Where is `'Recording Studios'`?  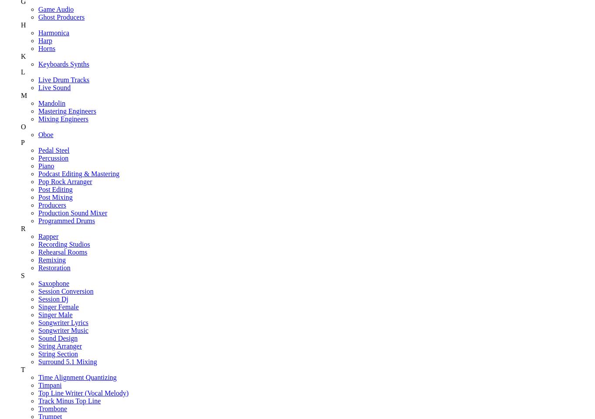
'Recording Studios' is located at coordinates (63, 243).